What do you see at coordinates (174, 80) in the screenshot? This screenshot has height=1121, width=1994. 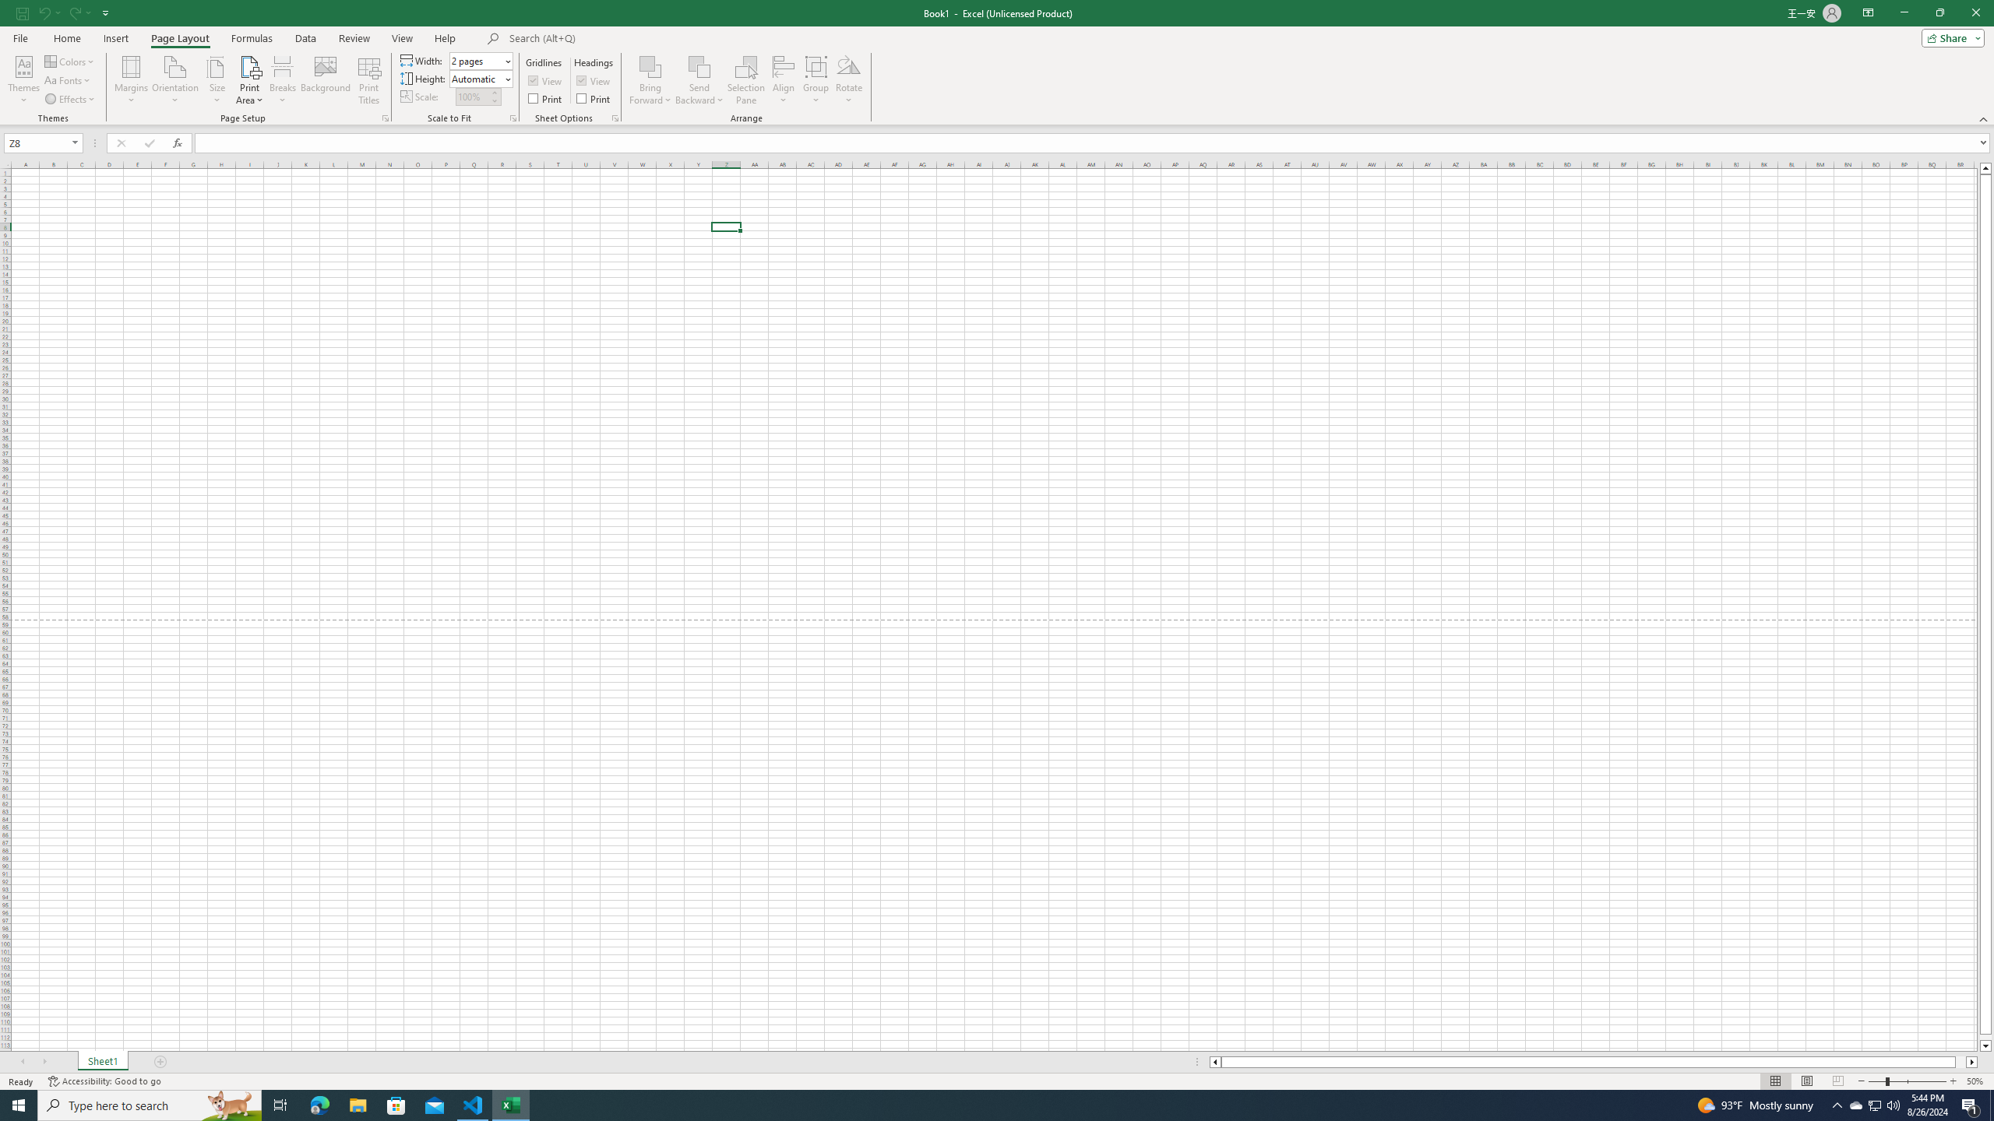 I see `'Orientation'` at bounding box center [174, 80].